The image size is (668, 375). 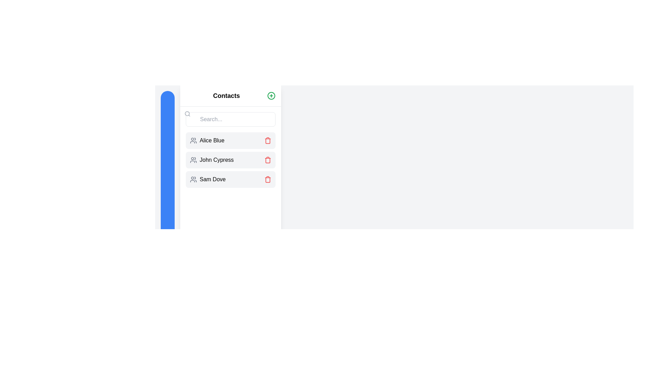 I want to click on the contact icon representing 'John Cypress', which is located on the left side of the contact entry row adjacent to the name text, so click(x=193, y=160).